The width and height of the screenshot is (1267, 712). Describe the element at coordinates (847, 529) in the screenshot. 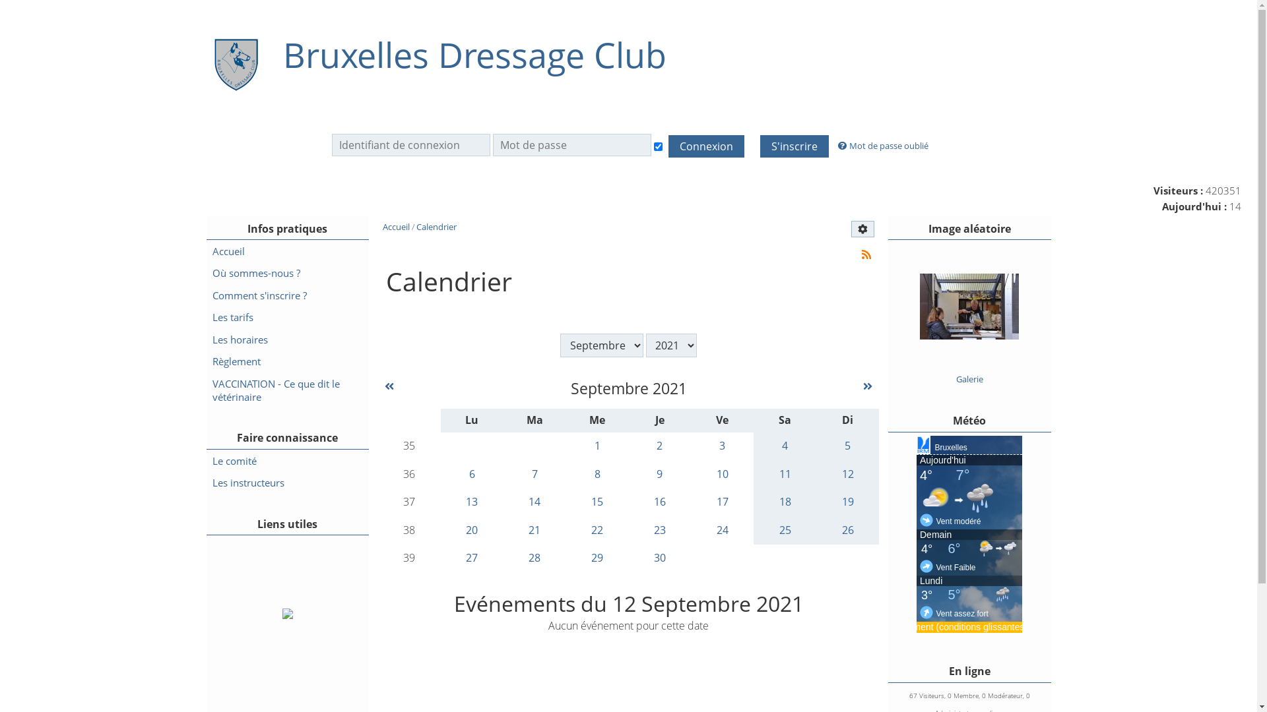

I see `'26'` at that location.